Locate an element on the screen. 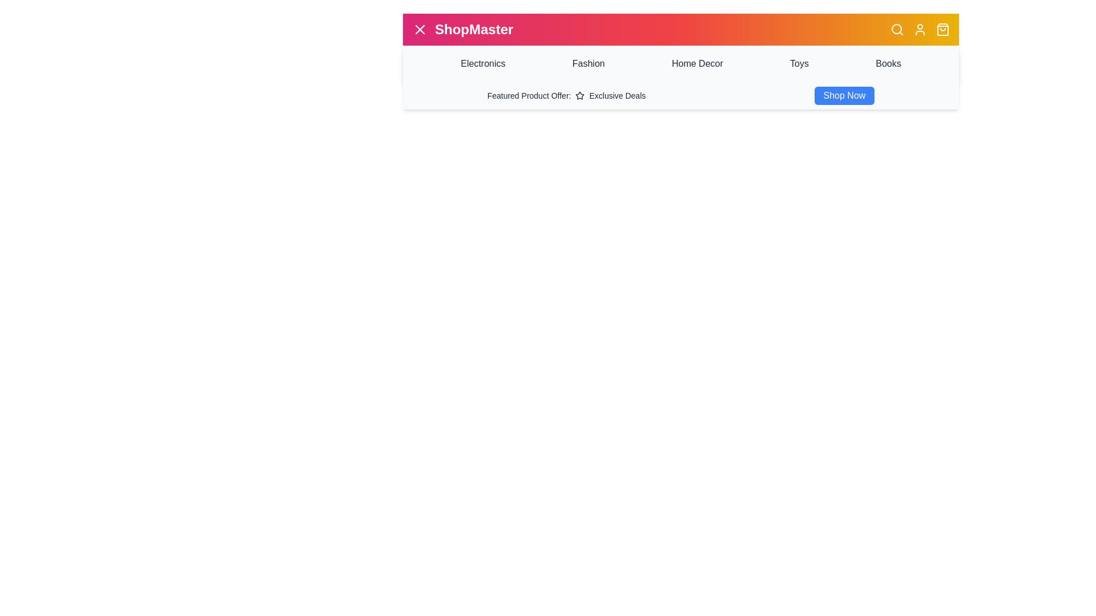 The width and height of the screenshot is (1096, 616). the user icon to view account details is located at coordinates (920, 29).